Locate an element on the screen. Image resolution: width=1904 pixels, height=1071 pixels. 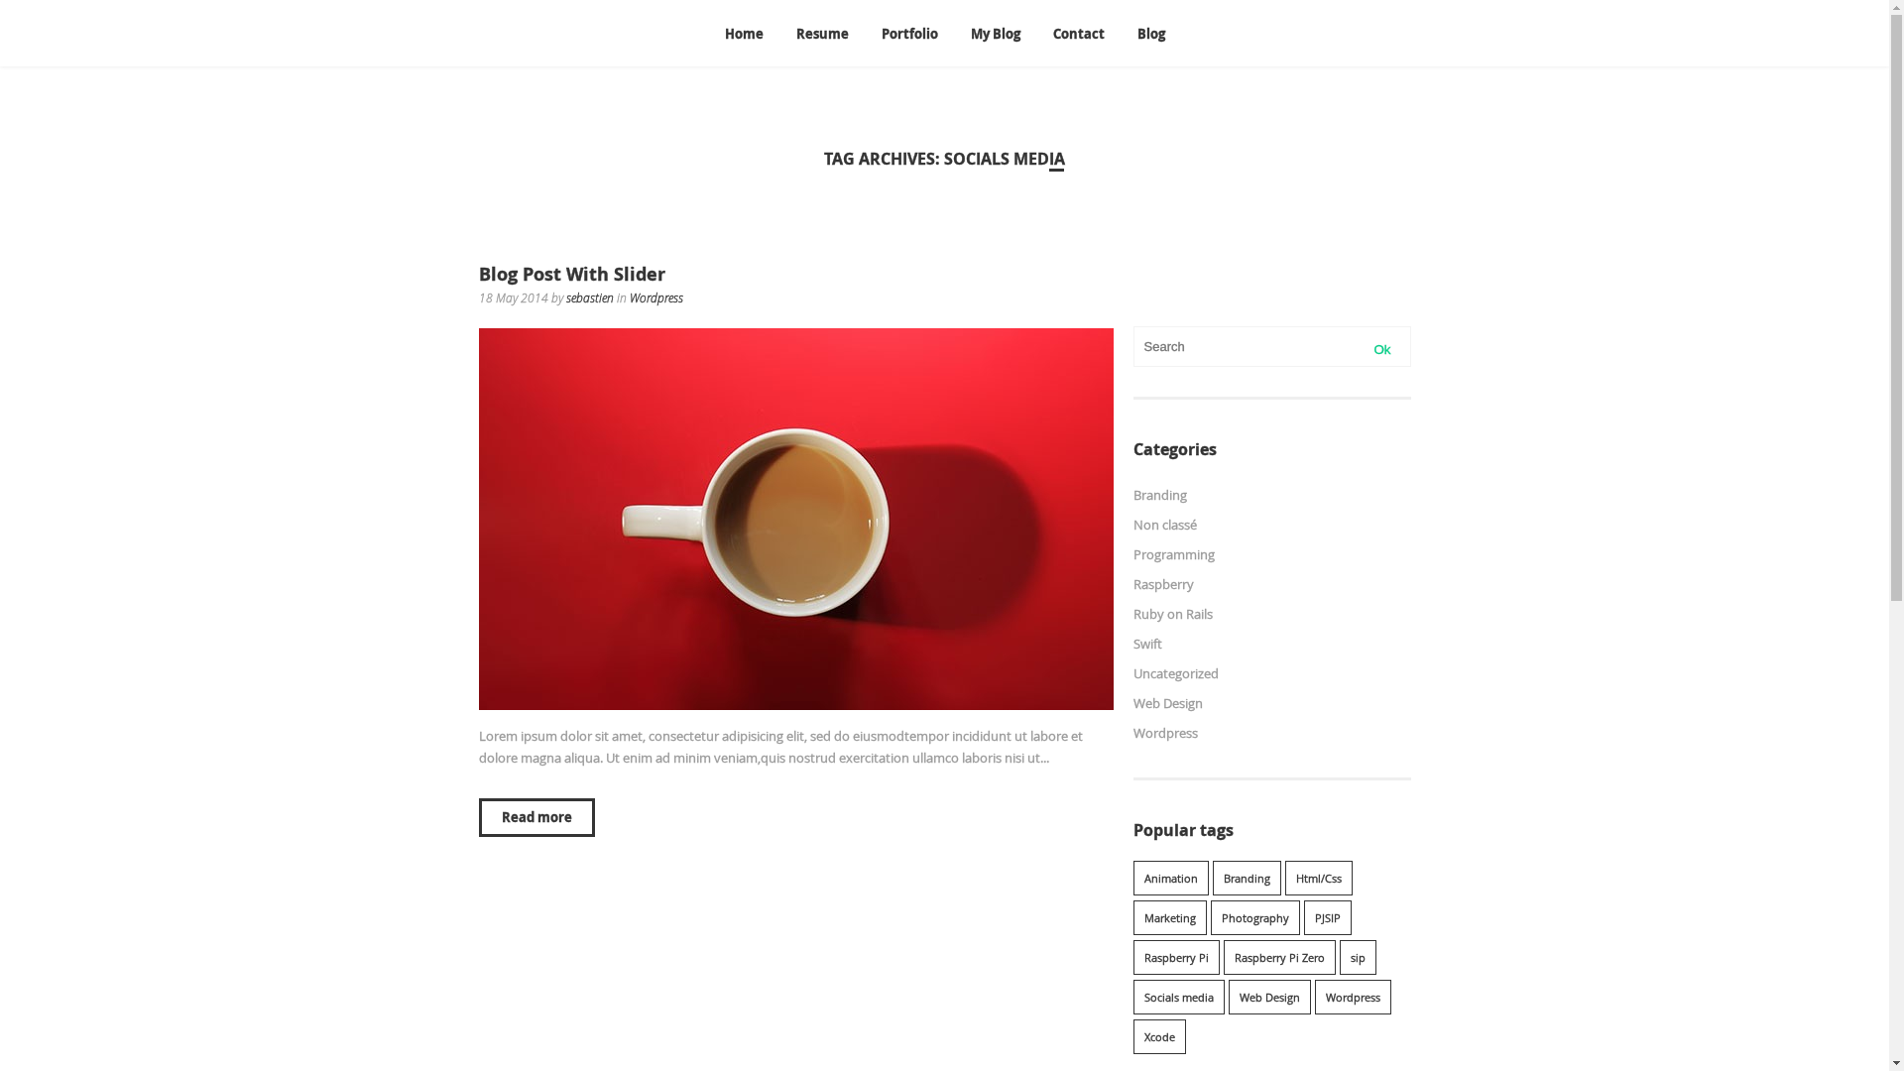
'Wordpress' is located at coordinates (1164, 733).